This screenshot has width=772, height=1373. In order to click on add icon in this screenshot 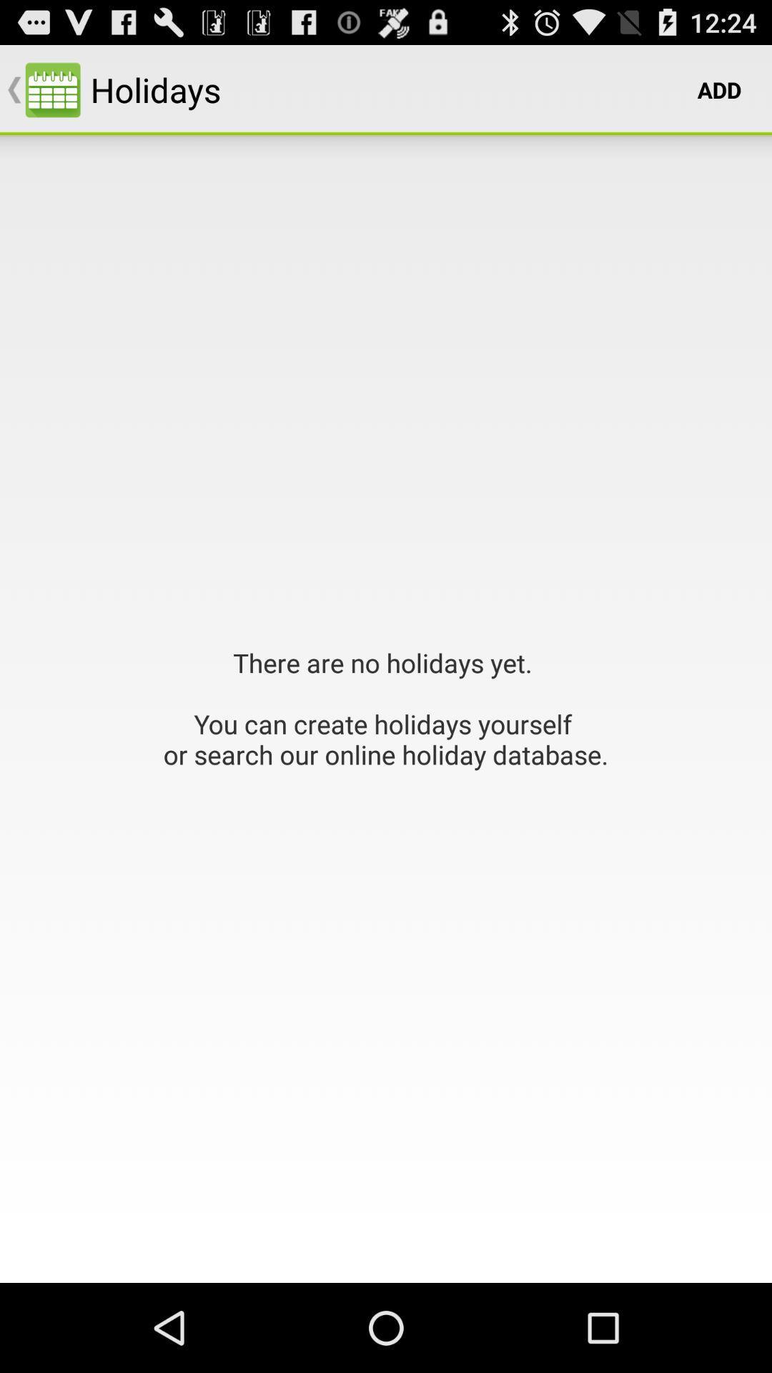, I will do `click(719, 89)`.